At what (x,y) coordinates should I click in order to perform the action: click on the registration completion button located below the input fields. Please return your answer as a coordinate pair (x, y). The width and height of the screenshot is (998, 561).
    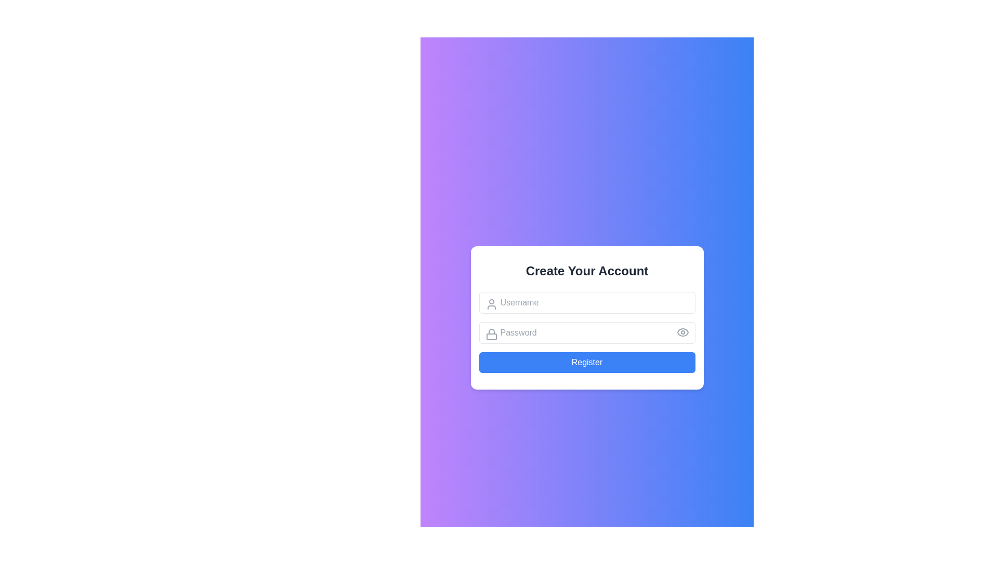
    Looking at the image, I should click on (587, 362).